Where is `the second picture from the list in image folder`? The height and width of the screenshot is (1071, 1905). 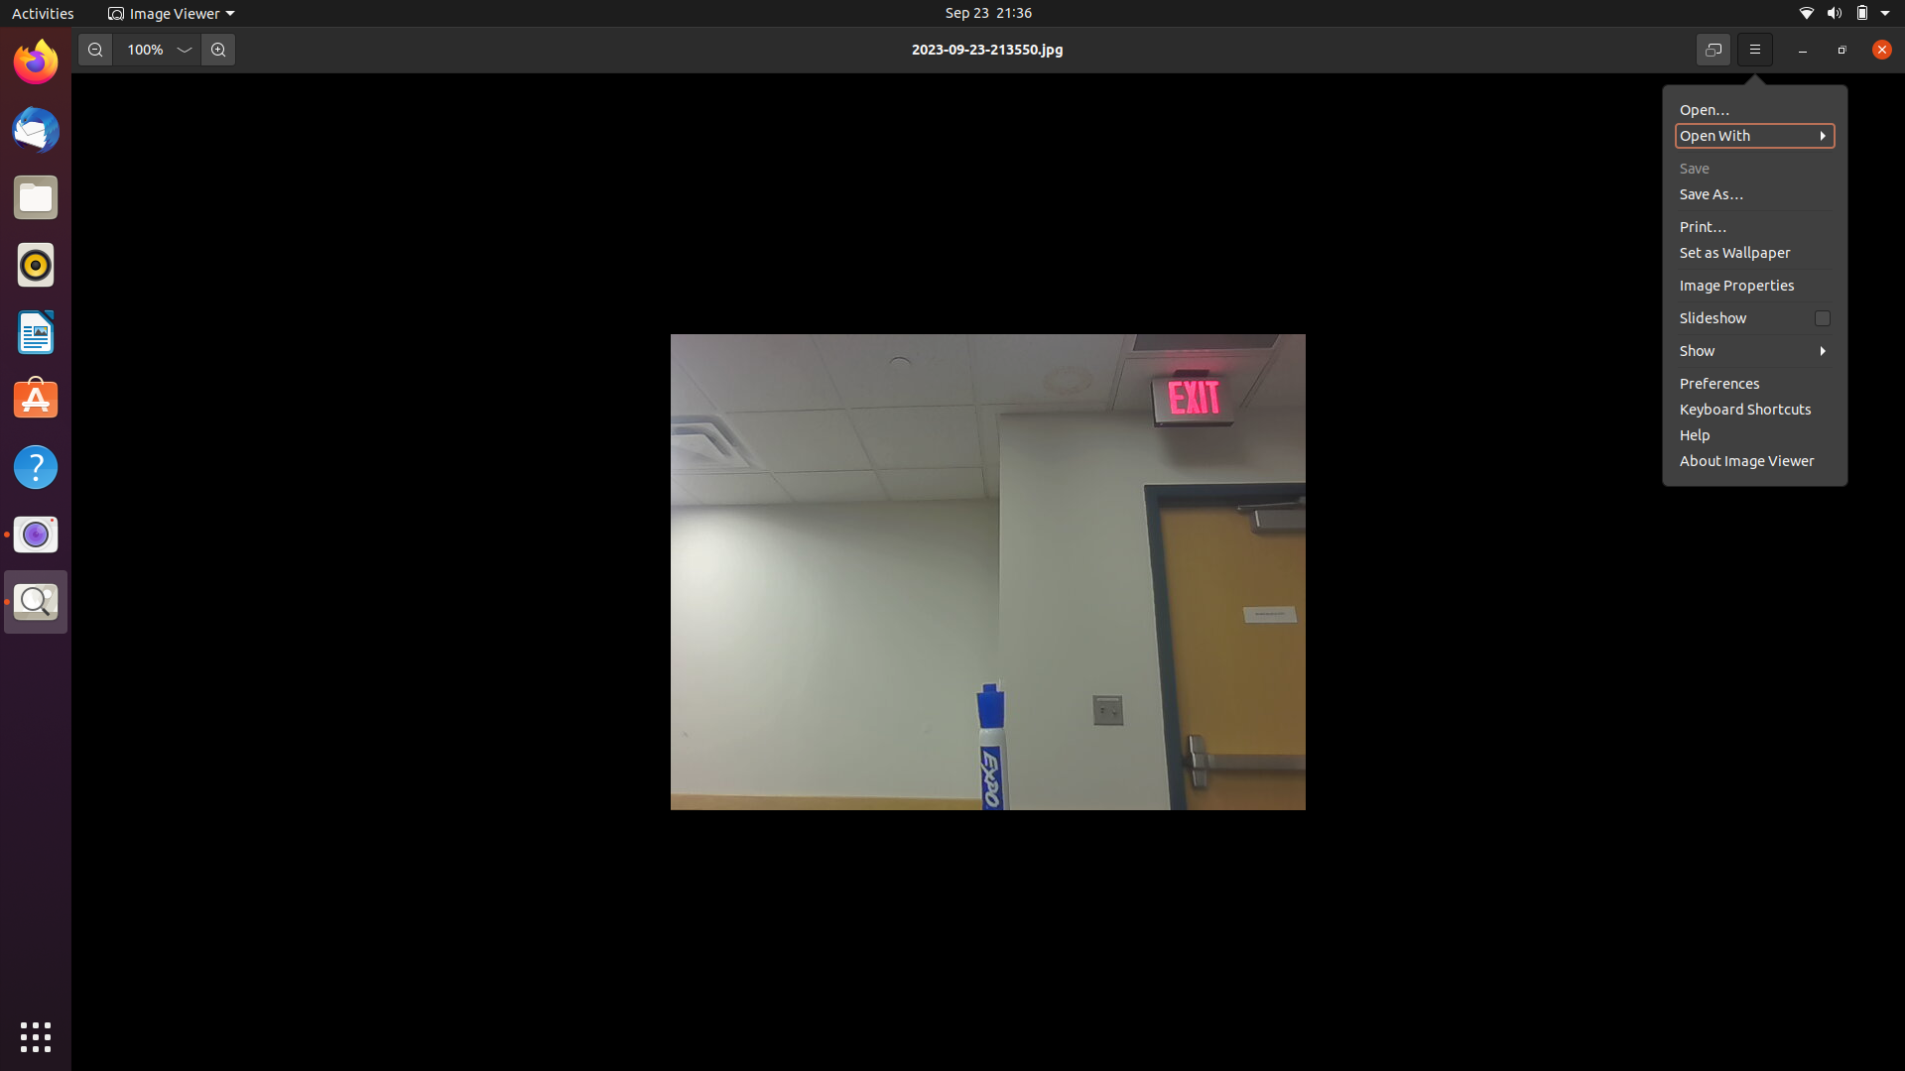
the second picture from the list in image folder is located at coordinates (1755, 135).